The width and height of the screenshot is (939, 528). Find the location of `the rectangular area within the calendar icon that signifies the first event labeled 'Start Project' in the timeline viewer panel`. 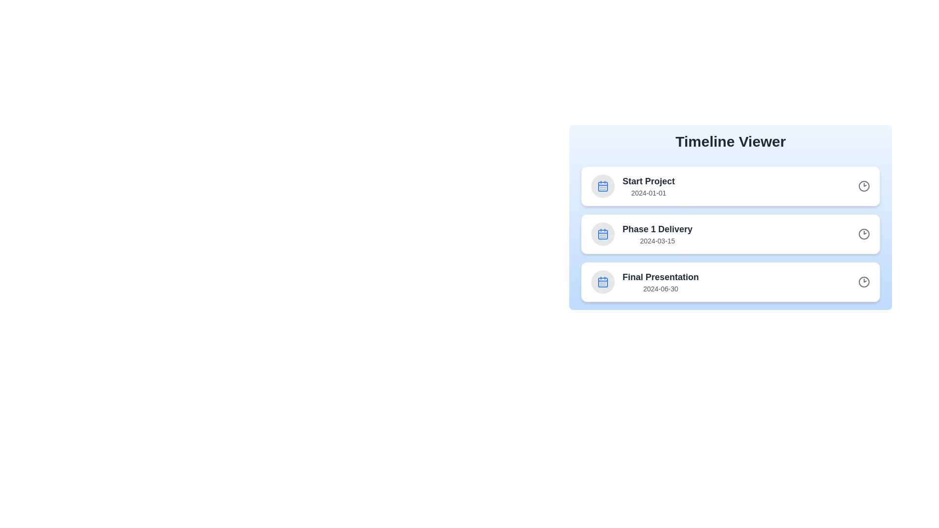

the rectangular area within the calendar icon that signifies the first event labeled 'Start Project' in the timeline viewer panel is located at coordinates (603, 186).